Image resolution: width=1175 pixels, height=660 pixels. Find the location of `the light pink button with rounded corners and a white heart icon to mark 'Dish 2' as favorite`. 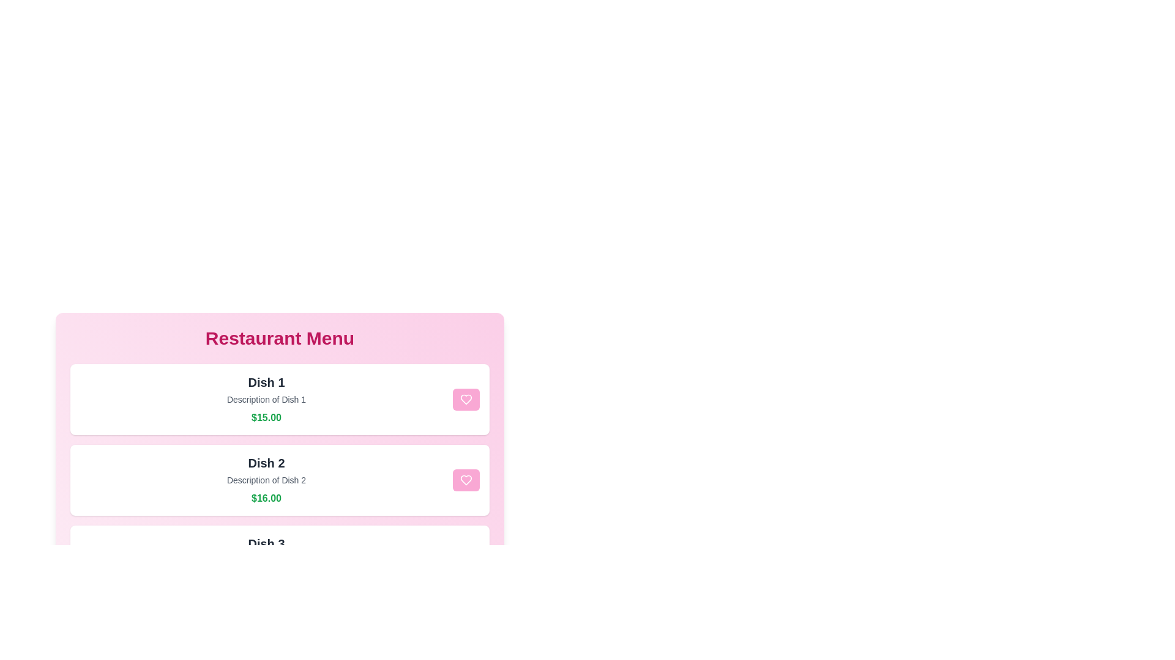

the light pink button with rounded corners and a white heart icon to mark 'Dish 2' as favorite is located at coordinates (466, 480).